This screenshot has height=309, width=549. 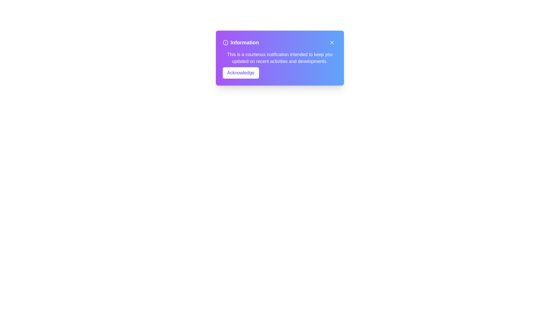 I want to click on the 'Acknowledge' button to acknowledge the notification, so click(x=240, y=72).